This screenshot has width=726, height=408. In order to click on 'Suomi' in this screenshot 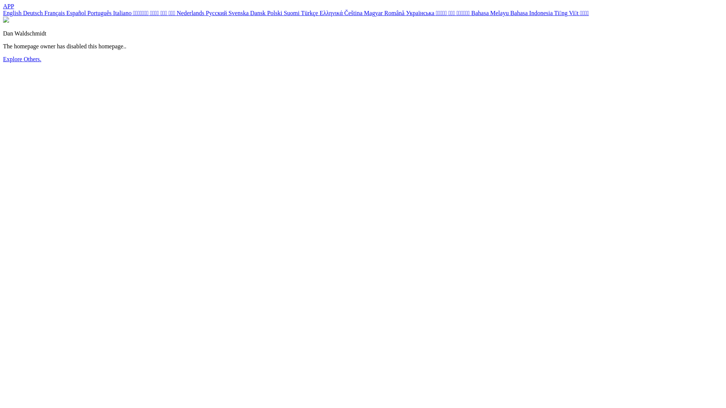, I will do `click(292, 13)`.